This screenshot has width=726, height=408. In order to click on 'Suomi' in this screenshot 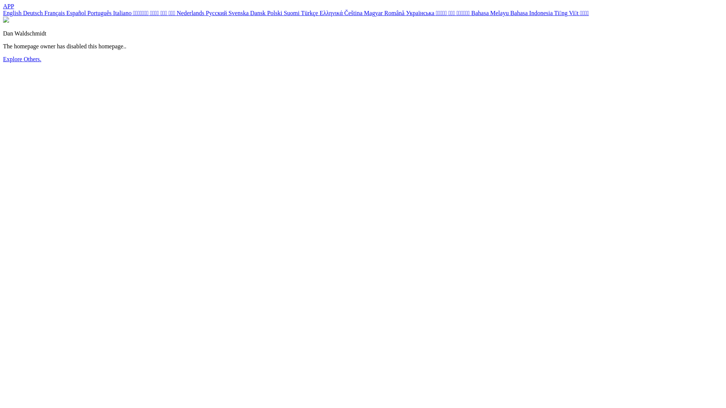, I will do `click(292, 13)`.